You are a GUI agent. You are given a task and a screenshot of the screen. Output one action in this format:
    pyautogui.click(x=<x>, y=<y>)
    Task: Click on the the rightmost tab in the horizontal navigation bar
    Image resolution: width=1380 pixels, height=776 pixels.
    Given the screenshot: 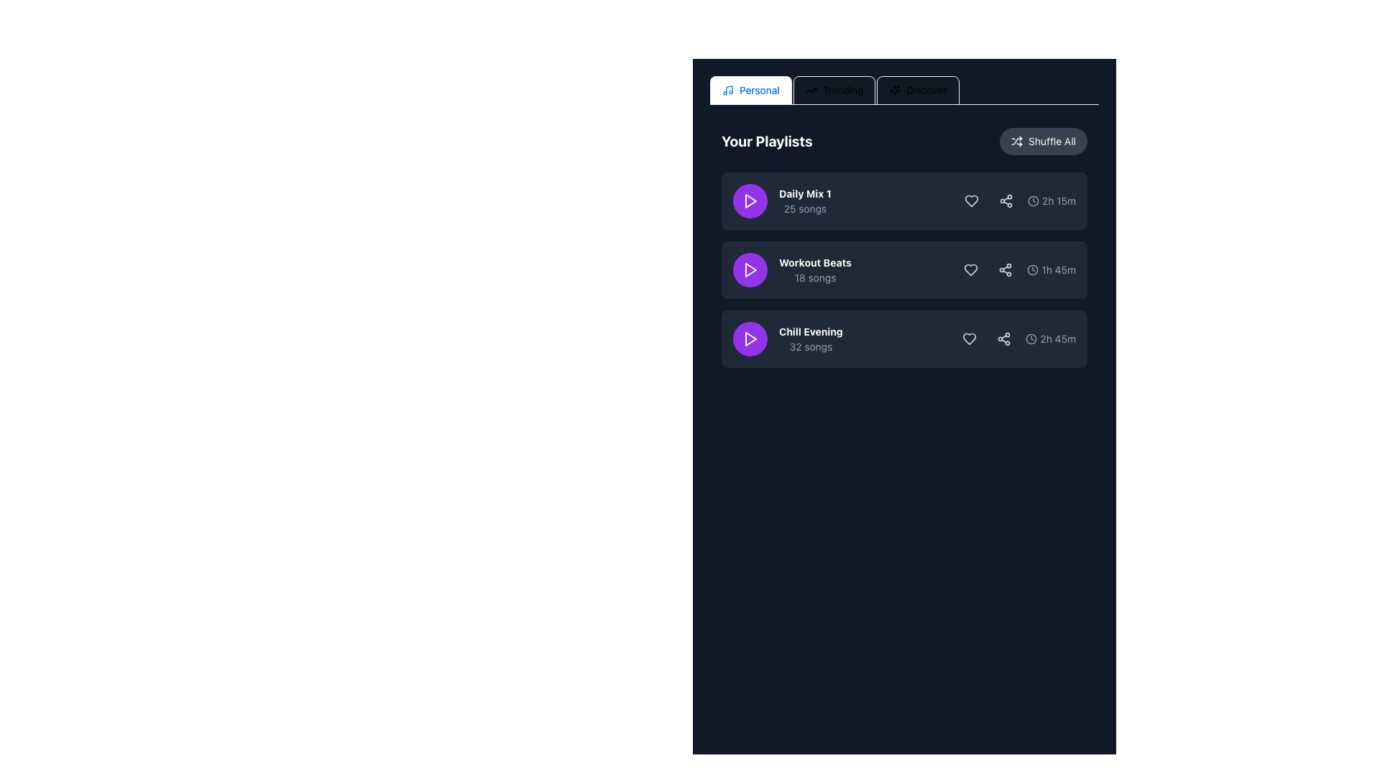 What is the action you would take?
    pyautogui.click(x=917, y=91)
    